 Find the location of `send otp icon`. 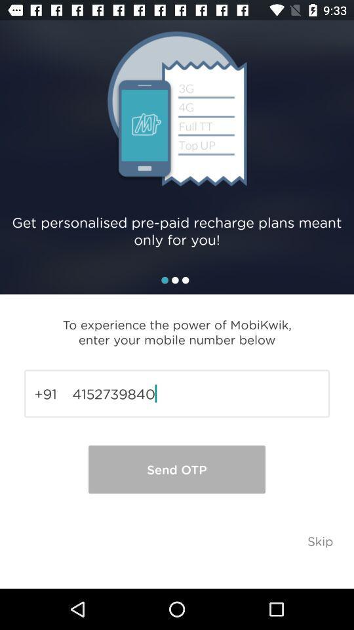

send otp icon is located at coordinates (177, 469).